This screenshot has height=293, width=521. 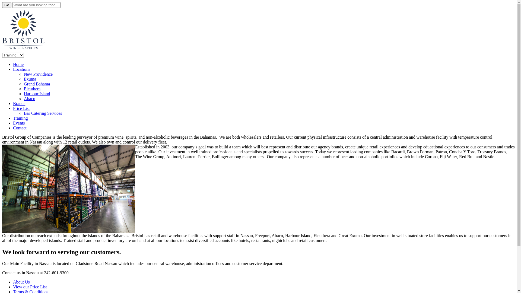 I want to click on 'Brands', so click(x=19, y=103).